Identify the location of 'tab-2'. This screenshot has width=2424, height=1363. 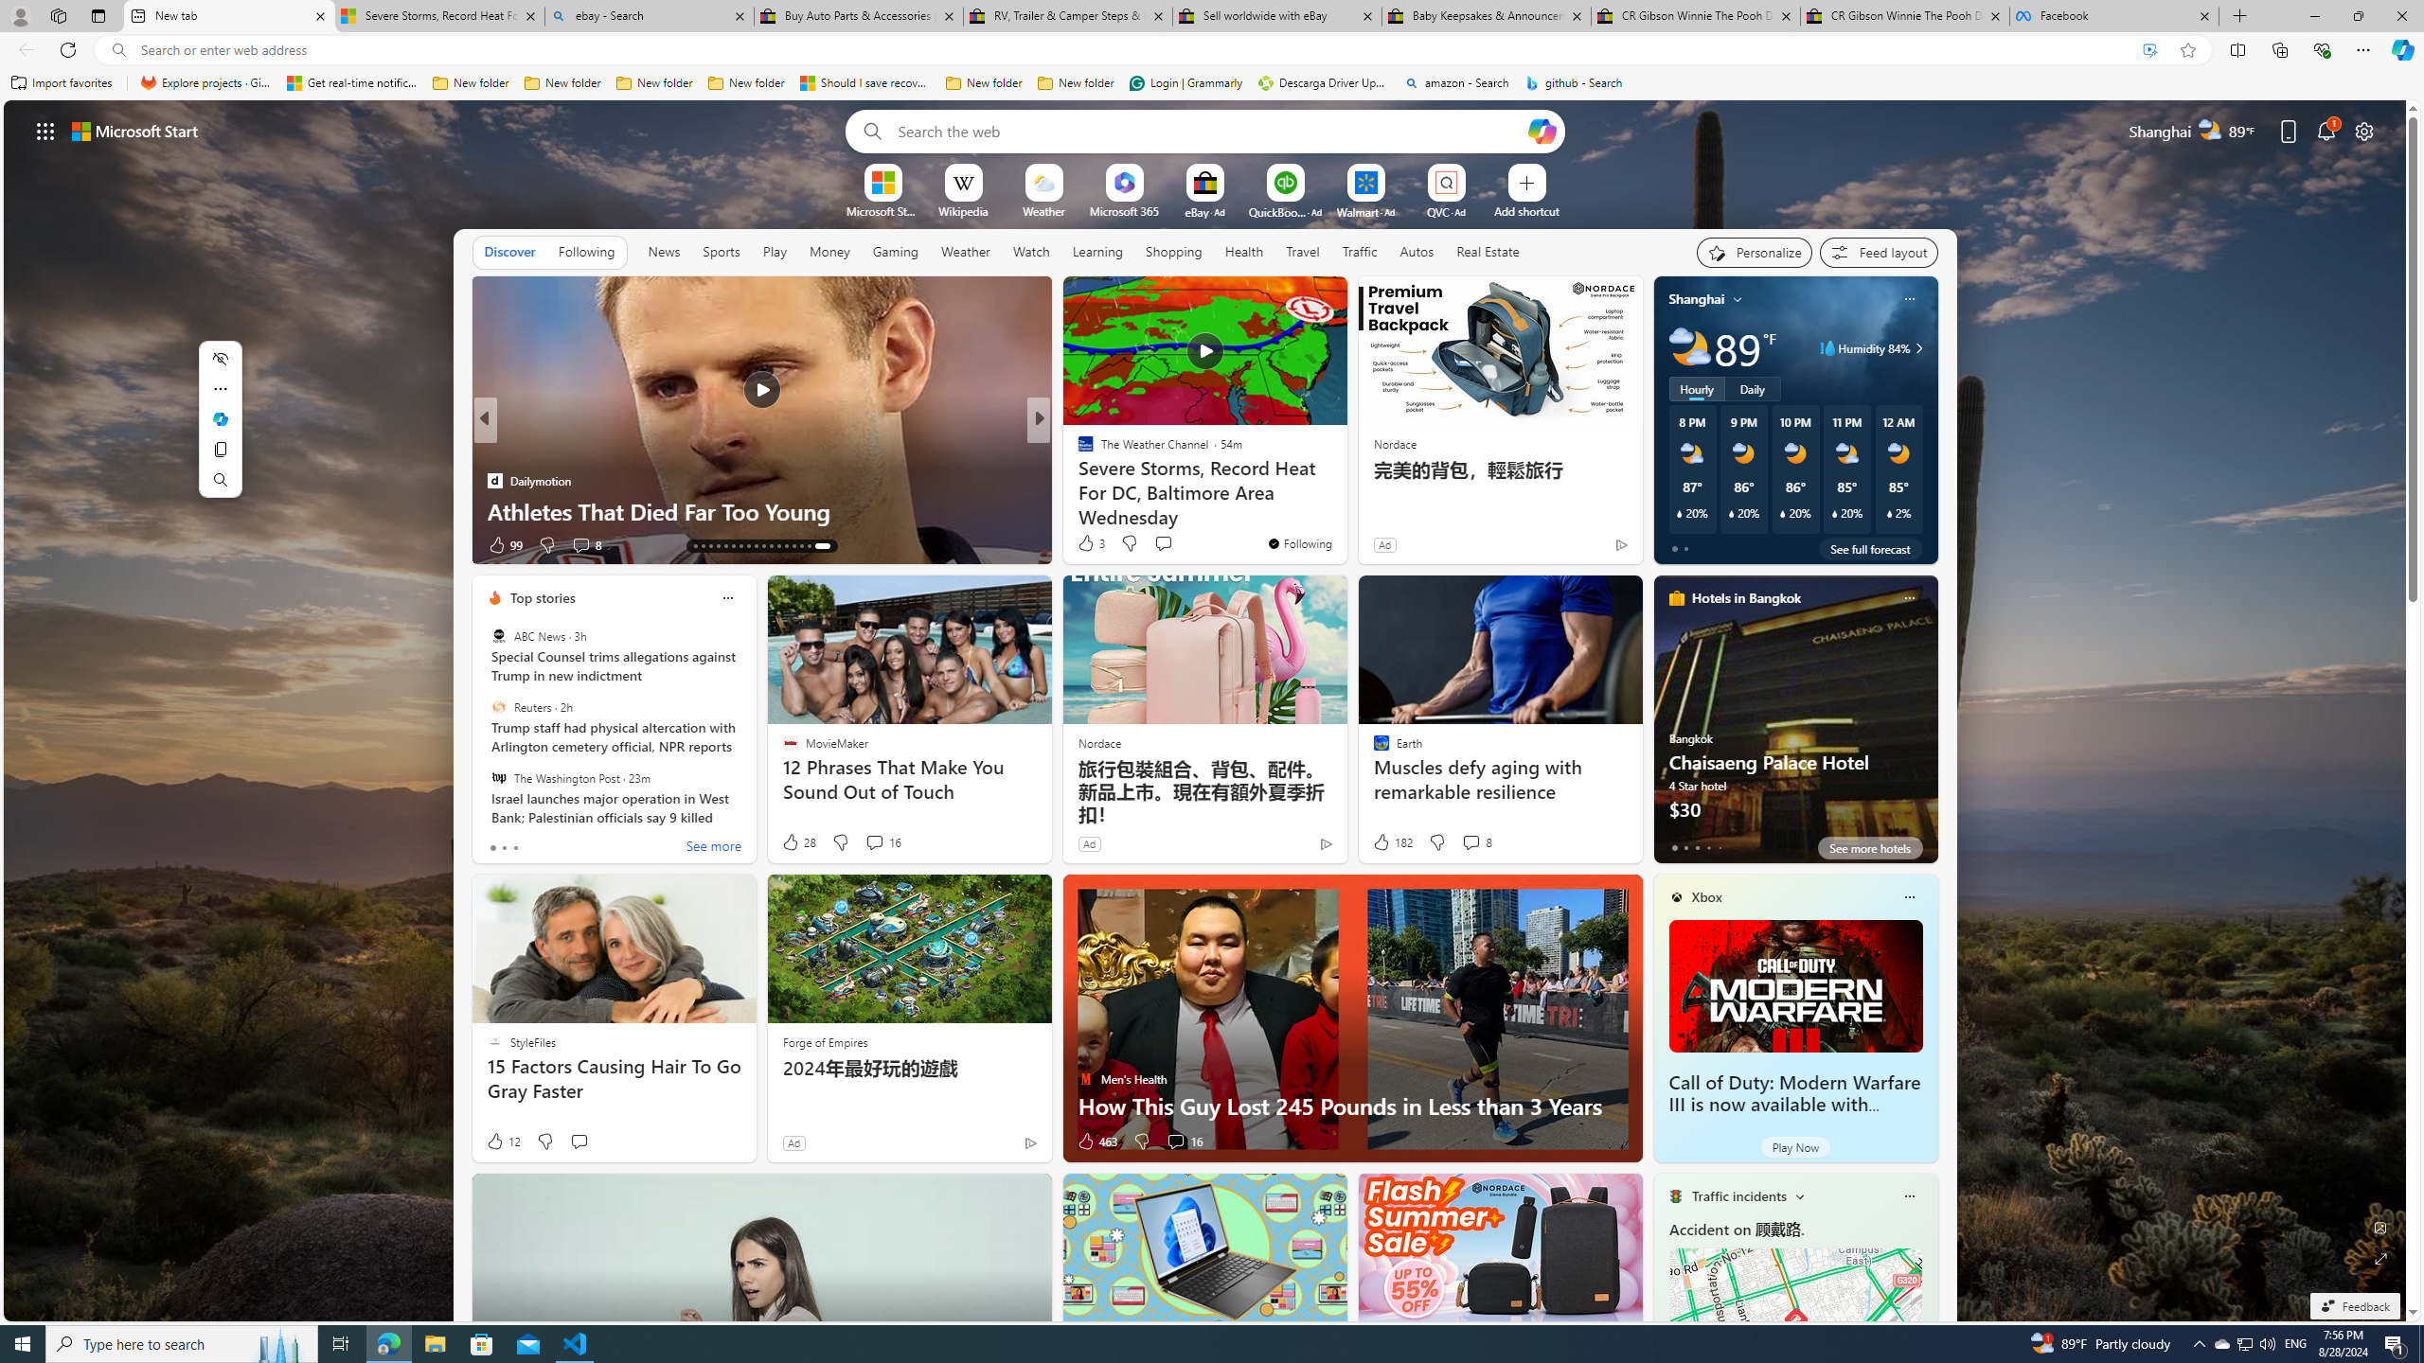
(1698, 847).